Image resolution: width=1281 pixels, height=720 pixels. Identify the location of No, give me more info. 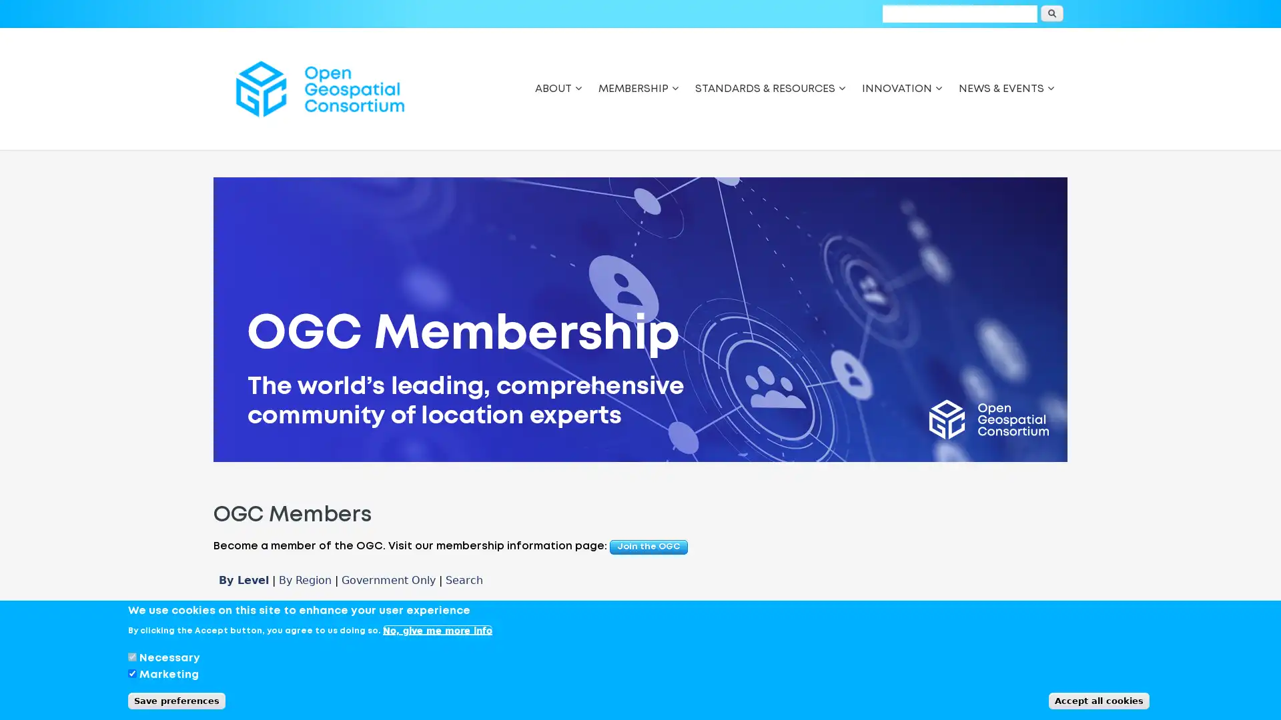
(438, 630).